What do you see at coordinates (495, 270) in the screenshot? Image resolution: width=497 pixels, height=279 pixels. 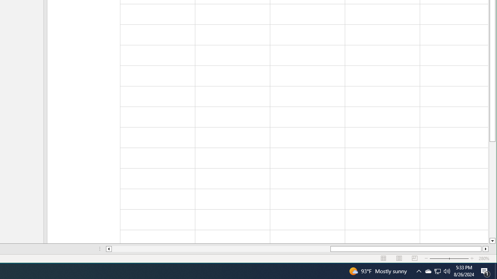 I see `'Show desktop'` at bounding box center [495, 270].